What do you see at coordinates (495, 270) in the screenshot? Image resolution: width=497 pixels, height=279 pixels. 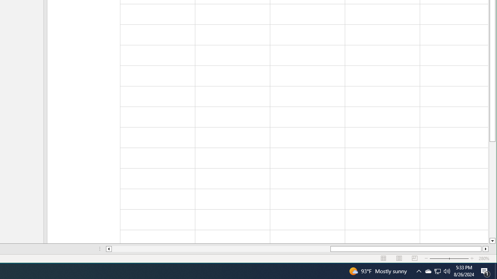 I see `'Show desktop'` at bounding box center [495, 270].